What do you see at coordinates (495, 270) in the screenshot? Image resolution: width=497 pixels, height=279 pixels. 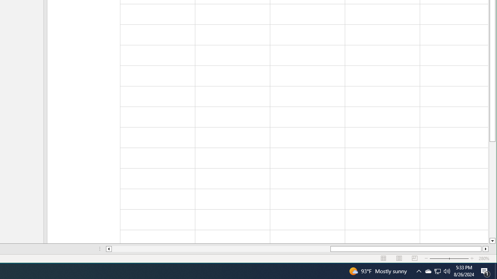 I see `'Show desktop'` at bounding box center [495, 270].